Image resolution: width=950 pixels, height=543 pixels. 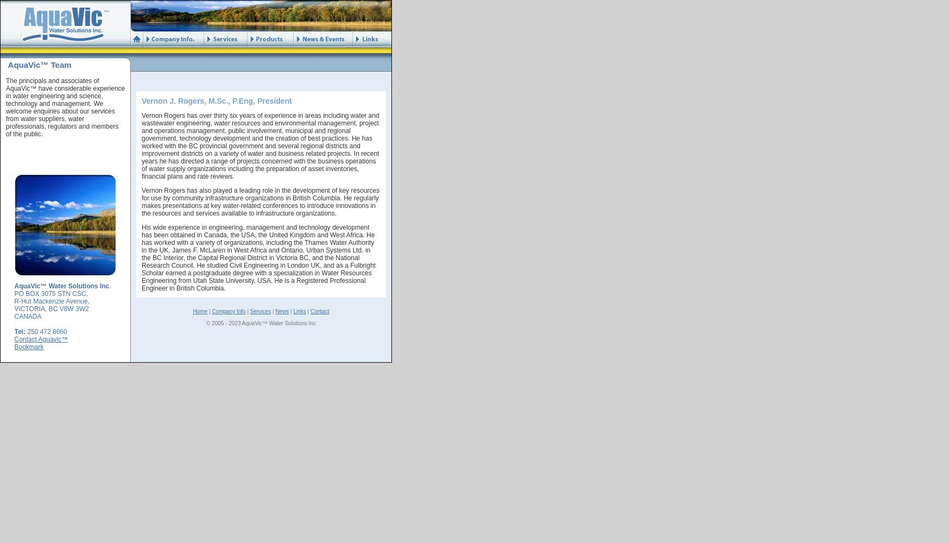 What do you see at coordinates (28, 347) in the screenshot?
I see `'Bookmark'` at bounding box center [28, 347].